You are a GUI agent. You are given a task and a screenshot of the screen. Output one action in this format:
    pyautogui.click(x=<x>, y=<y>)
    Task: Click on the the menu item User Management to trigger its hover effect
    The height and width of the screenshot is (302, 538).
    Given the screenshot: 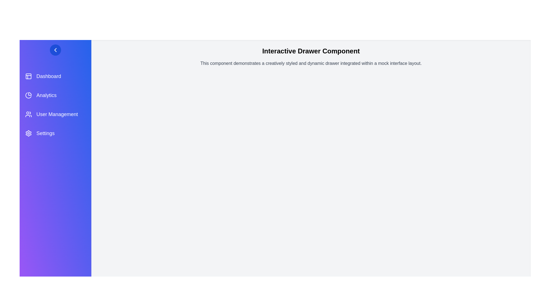 What is the action you would take?
    pyautogui.click(x=55, y=114)
    